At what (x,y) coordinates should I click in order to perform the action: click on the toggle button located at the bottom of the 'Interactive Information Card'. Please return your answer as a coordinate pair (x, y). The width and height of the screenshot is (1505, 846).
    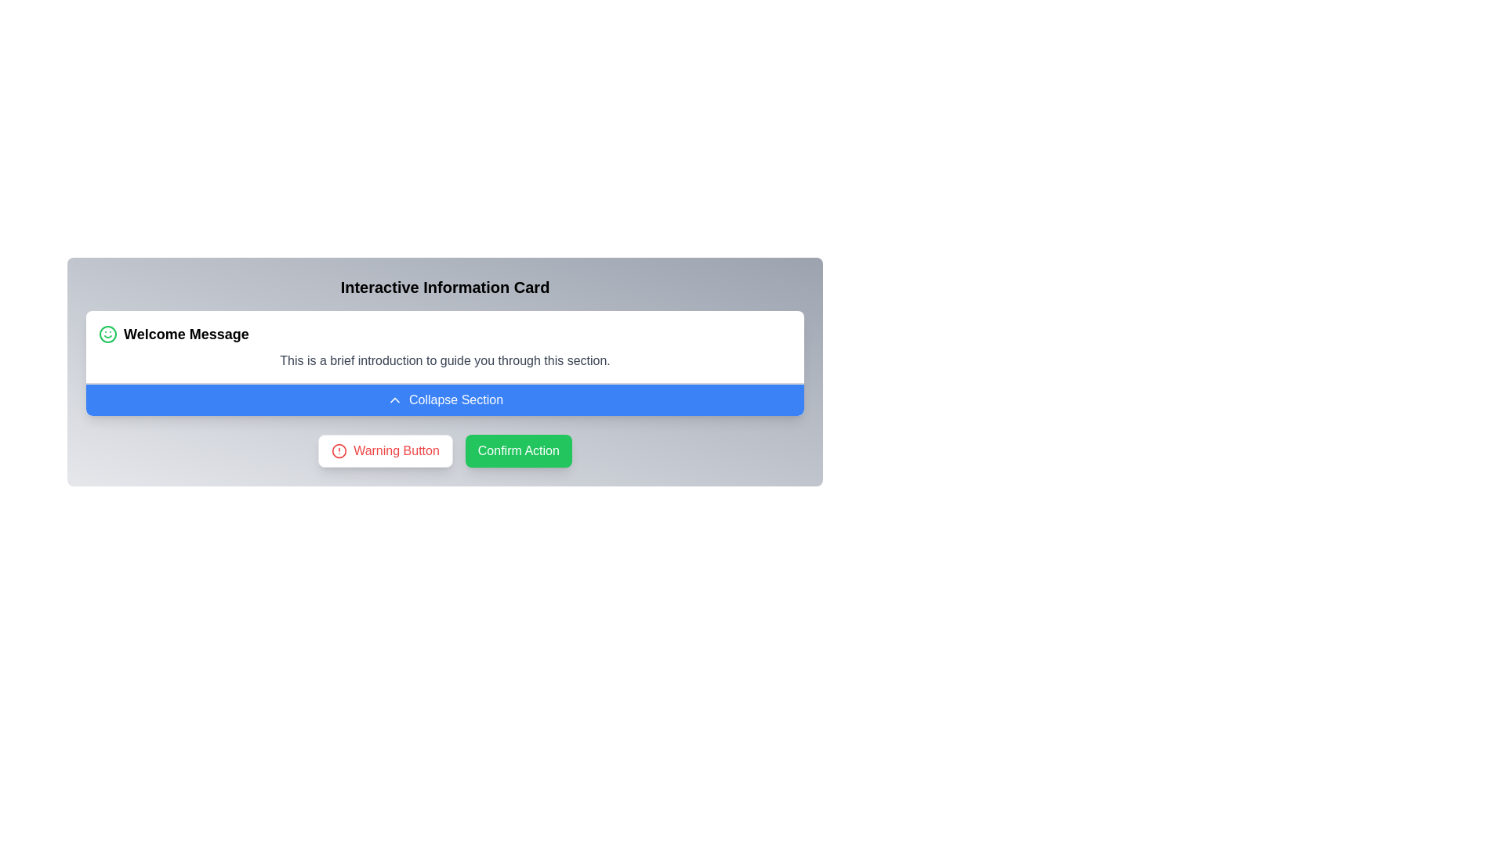
    Looking at the image, I should click on (444, 399).